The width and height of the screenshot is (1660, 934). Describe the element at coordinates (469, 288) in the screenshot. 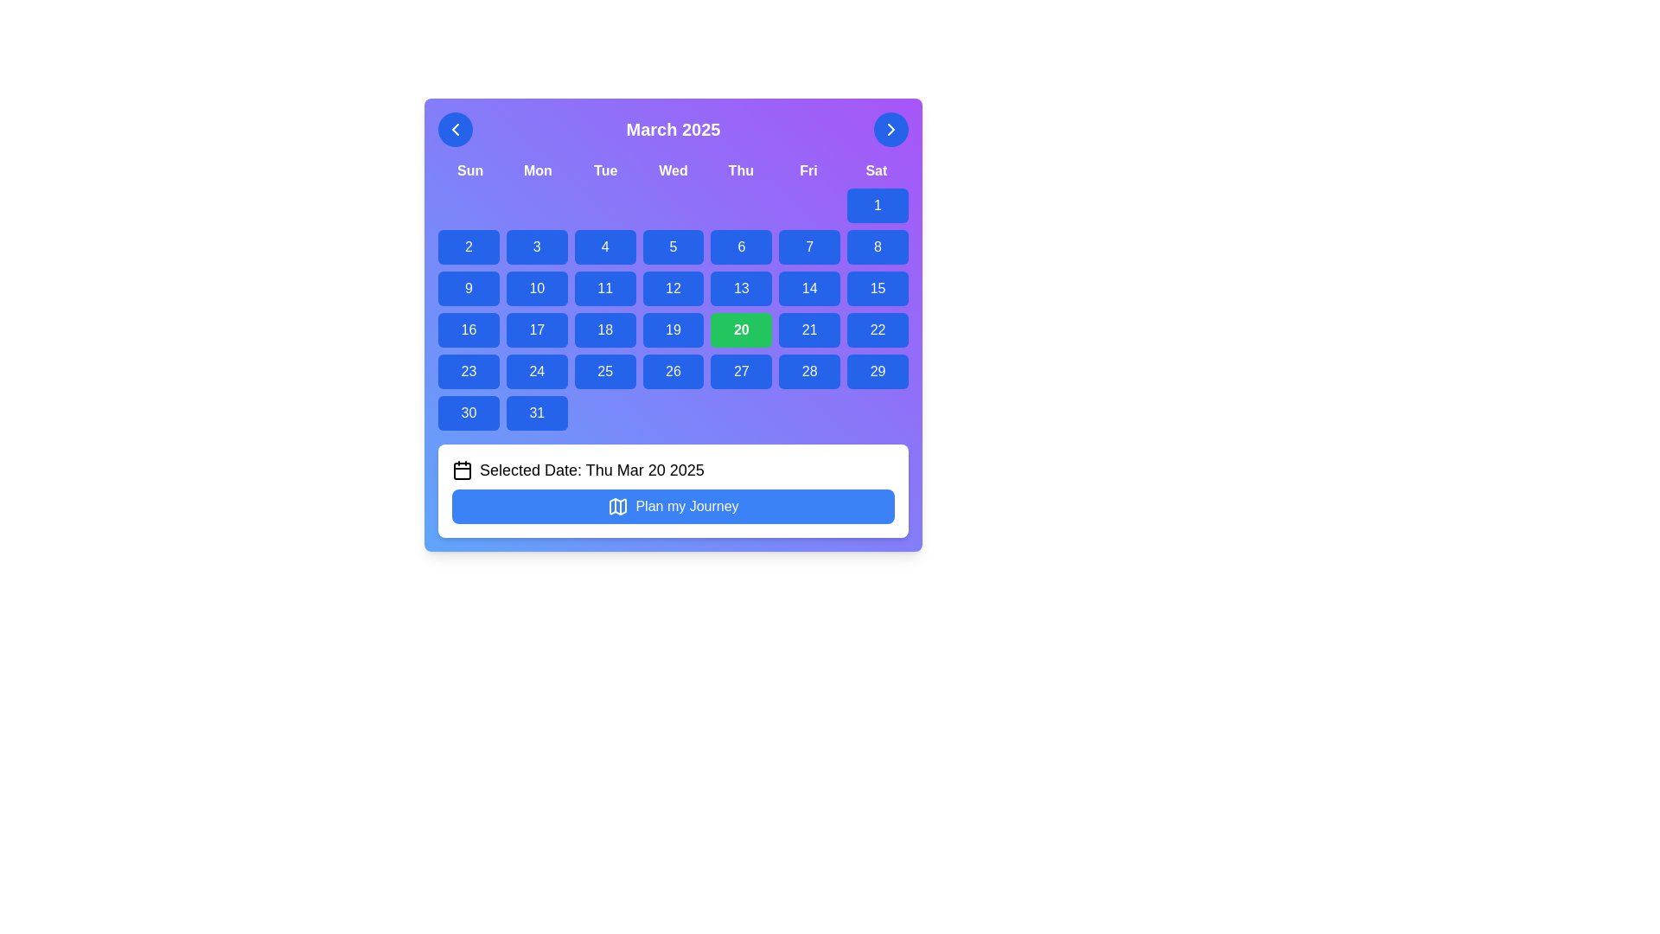

I see `the blue rectangular button displaying the number '9'` at that location.